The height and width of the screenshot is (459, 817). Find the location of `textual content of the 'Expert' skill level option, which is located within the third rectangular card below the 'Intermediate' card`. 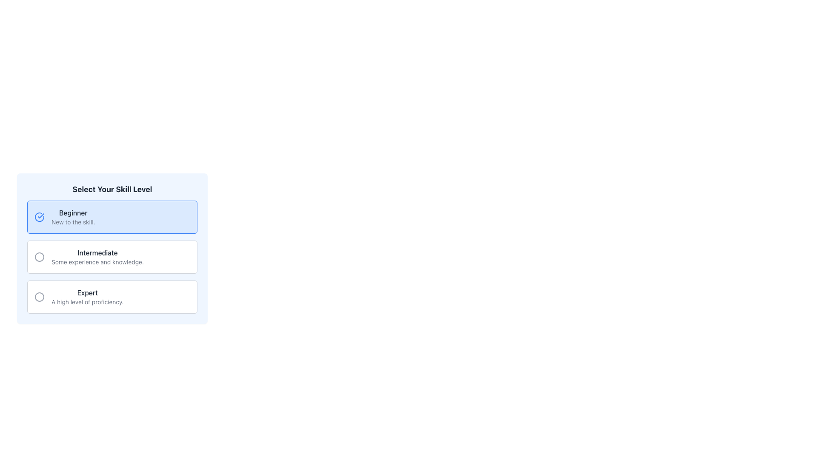

textual content of the 'Expert' skill level option, which is located within the third rectangular card below the 'Intermediate' card is located at coordinates (87, 296).